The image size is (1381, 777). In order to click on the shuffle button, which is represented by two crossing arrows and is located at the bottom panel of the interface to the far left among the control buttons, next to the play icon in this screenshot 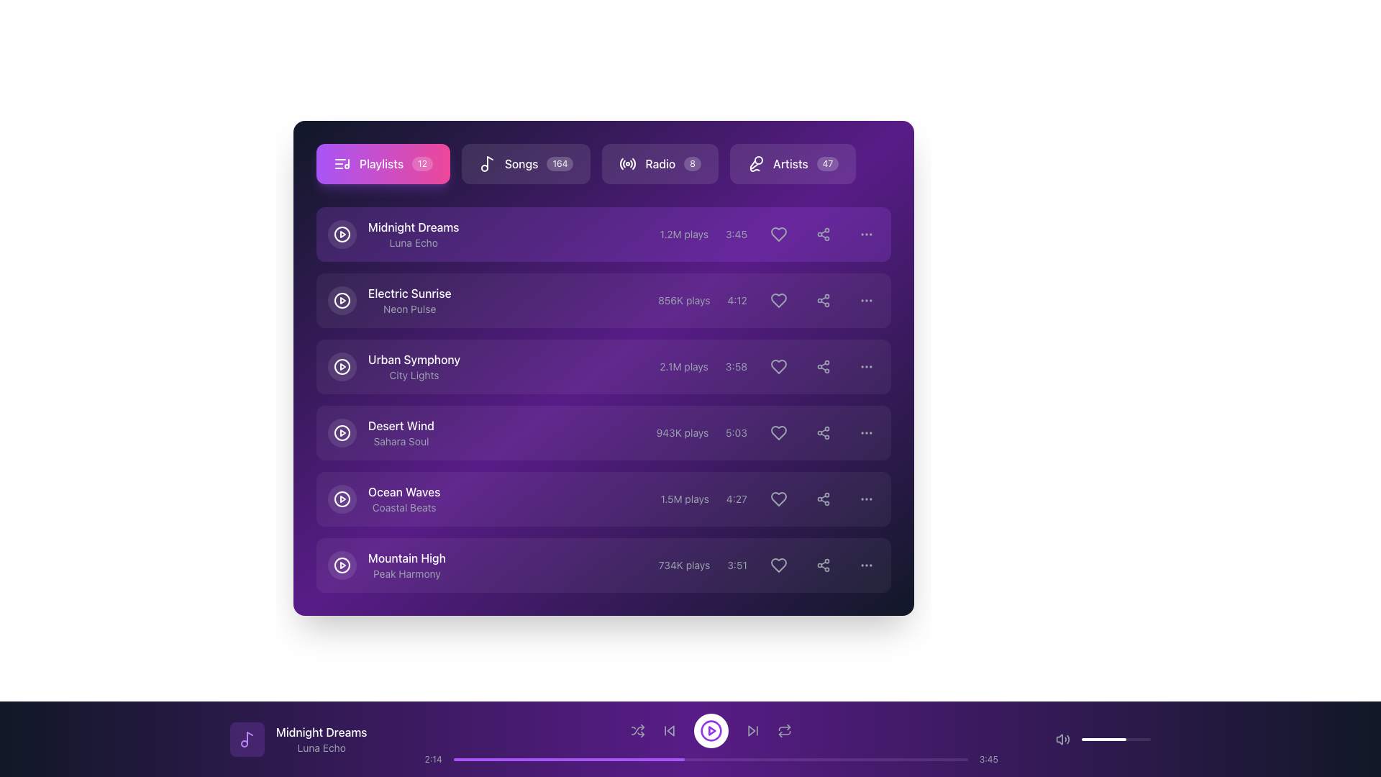, I will do `click(637, 730)`.